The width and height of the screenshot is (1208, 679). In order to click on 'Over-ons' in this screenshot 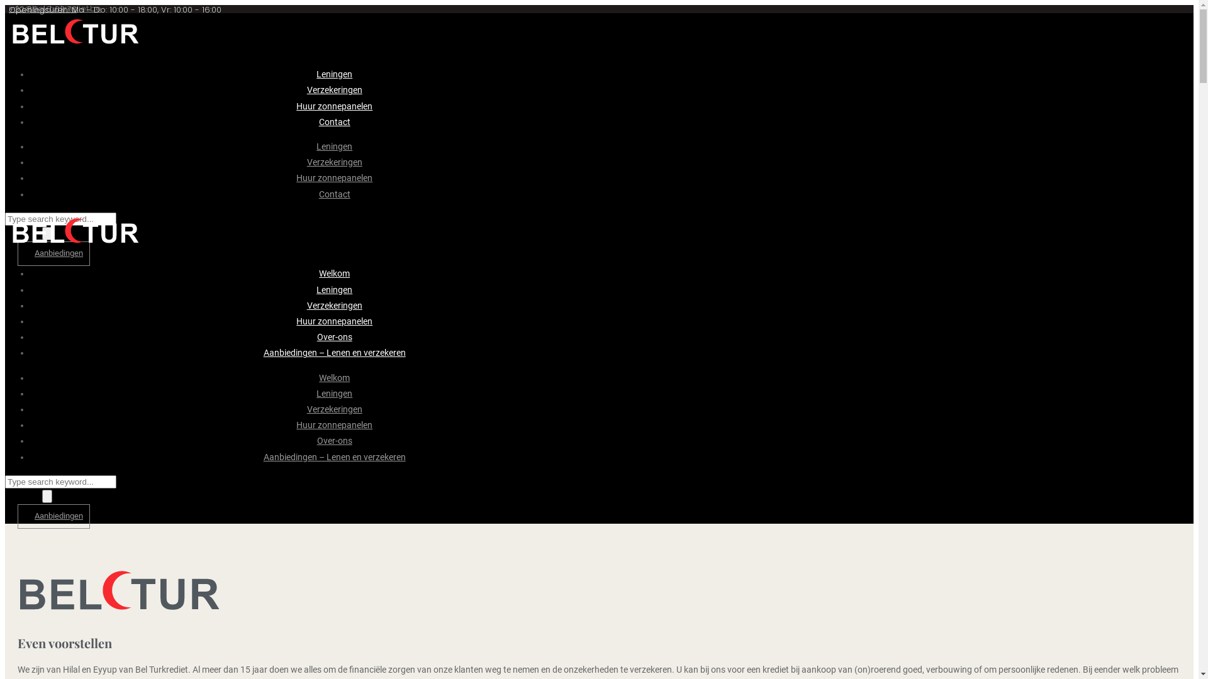, I will do `click(317, 440)`.